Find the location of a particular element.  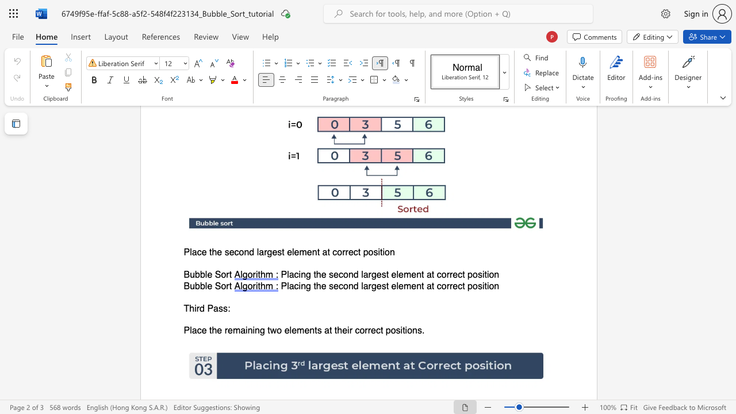

the space between the continuous character "o" and "r" in the text is located at coordinates (225, 285).